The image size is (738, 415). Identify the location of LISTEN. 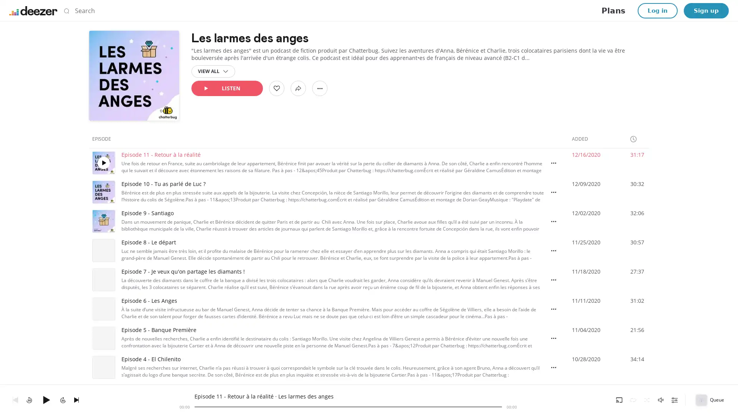
(226, 88).